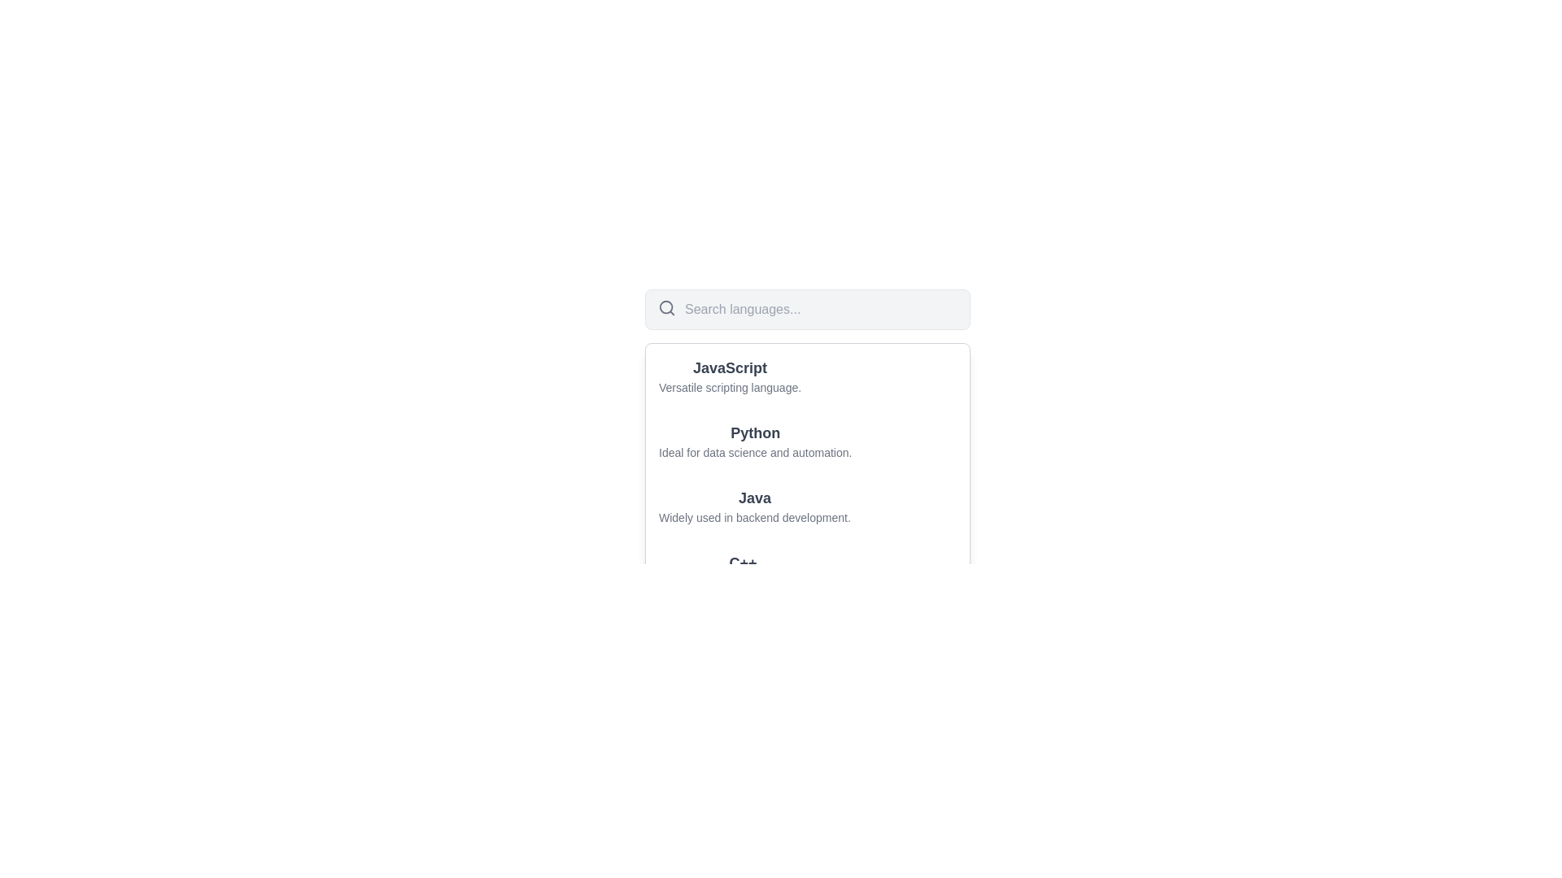  I want to click on the static text element displaying 'Versatile scripting language.' which is located below the bold title 'JavaScript', so click(729, 388).